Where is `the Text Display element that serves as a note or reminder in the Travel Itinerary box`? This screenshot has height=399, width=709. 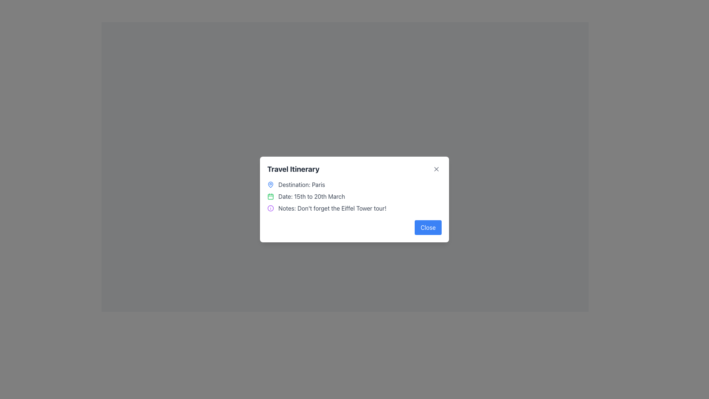
the Text Display element that serves as a note or reminder in the Travel Itinerary box is located at coordinates (332, 208).